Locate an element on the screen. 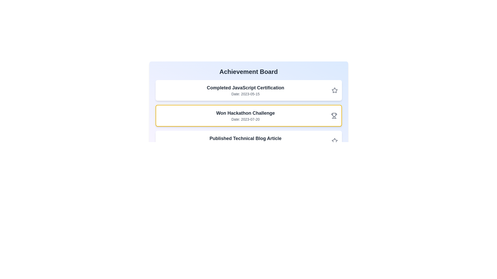 Image resolution: width=497 pixels, height=279 pixels. the achievement card with title Completed JavaScript Certification is located at coordinates (248, 90).